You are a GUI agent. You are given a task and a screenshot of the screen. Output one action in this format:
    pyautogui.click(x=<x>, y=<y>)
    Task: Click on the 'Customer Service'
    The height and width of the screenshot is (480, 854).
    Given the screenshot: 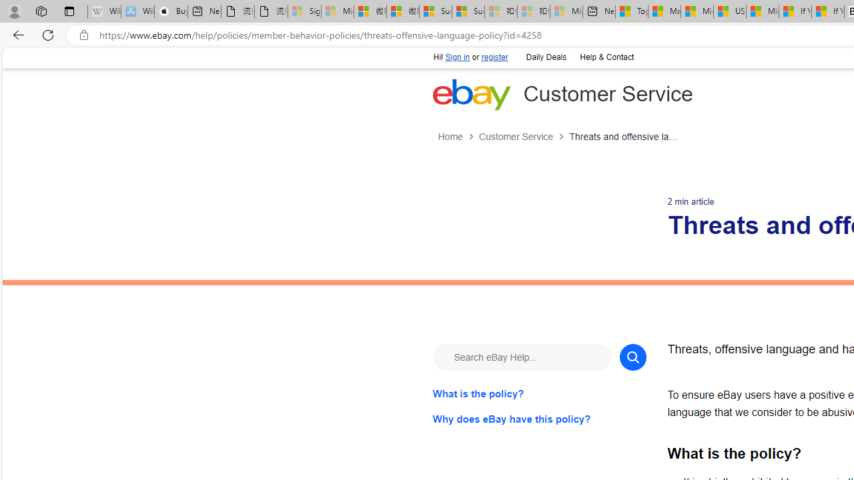 What is the action you would take?
    pyautogui.click(x=515, y=137)
    